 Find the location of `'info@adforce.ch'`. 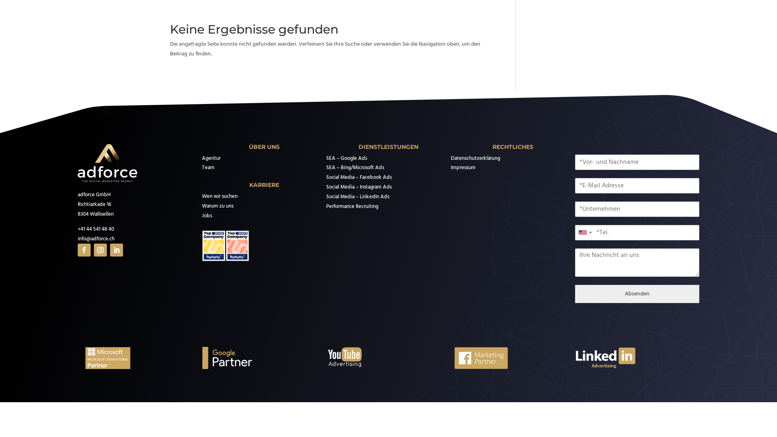

'info@adforce.ch' is located at coordinates (78, 238).